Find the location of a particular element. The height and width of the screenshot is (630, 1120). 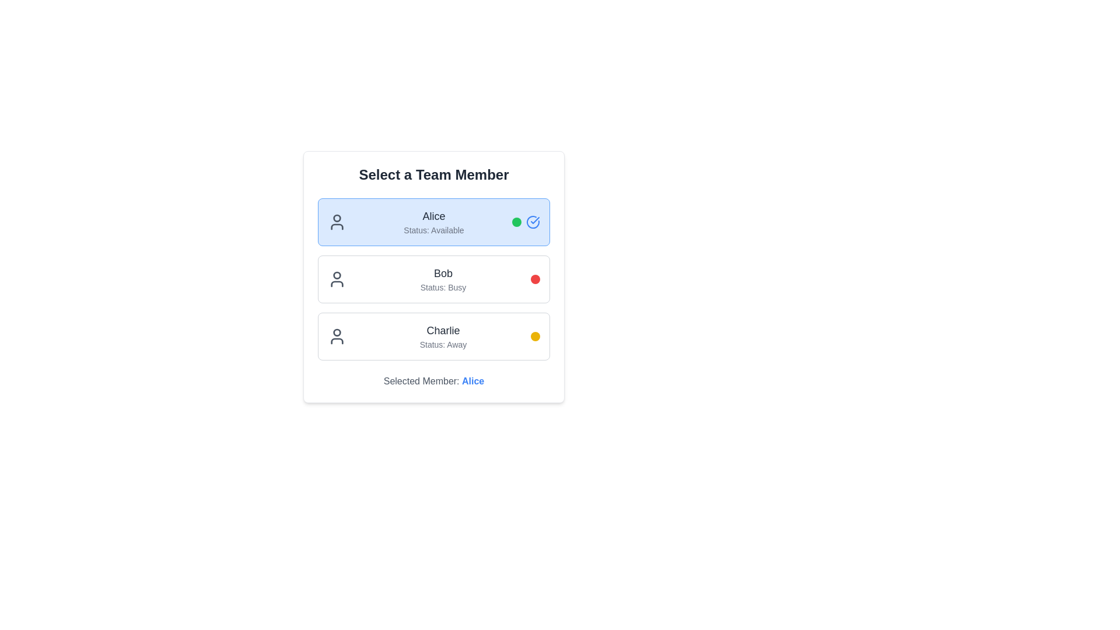

the text label reading 'Alice' which is styled with a medium-sized, gray-colored font and positioned above the 'Status: Available' label is located at coordinates (433, 216).